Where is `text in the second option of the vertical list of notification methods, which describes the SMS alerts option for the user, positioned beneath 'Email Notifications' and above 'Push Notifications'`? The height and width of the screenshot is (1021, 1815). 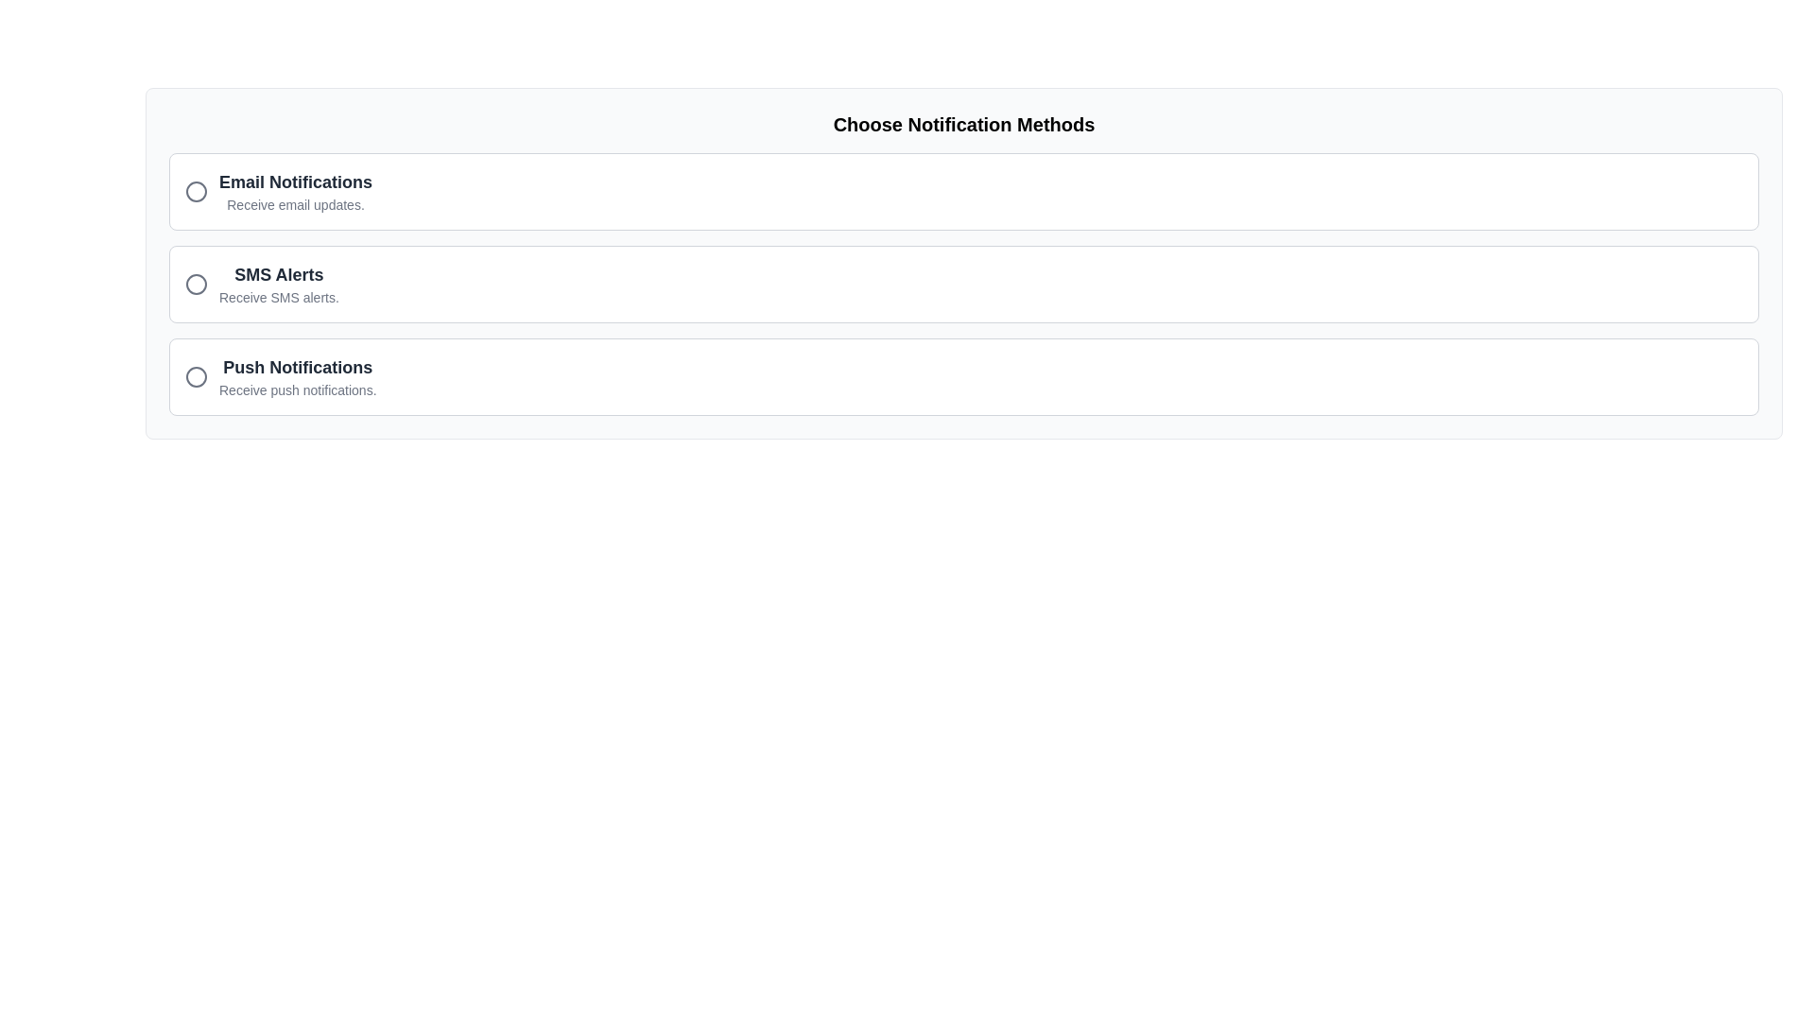
text in the second option of the vertical list of notification methods, which describes the SMS alerts option for the user, positioned beneath 'Email Notifications' and above 'Push Notifications' is located at coordinates (278, 284).